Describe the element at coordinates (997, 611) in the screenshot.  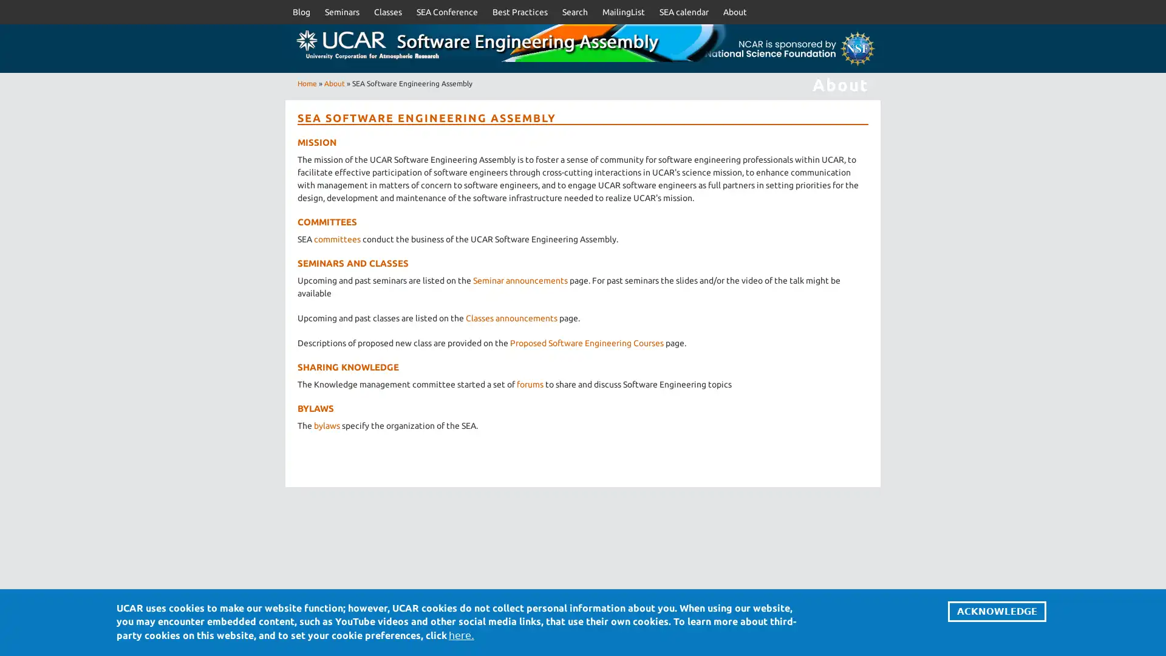
I see `ACKNOWLEDGE` at that location.